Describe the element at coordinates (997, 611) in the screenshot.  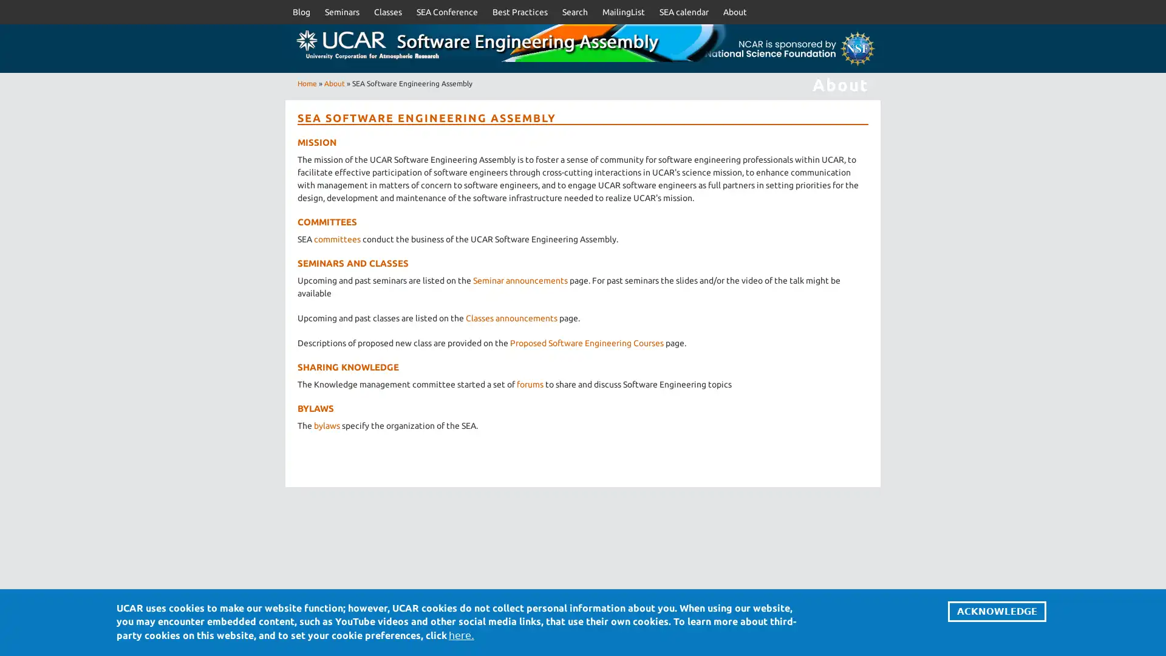
I see `ACKNOWLEDGE` at that location.